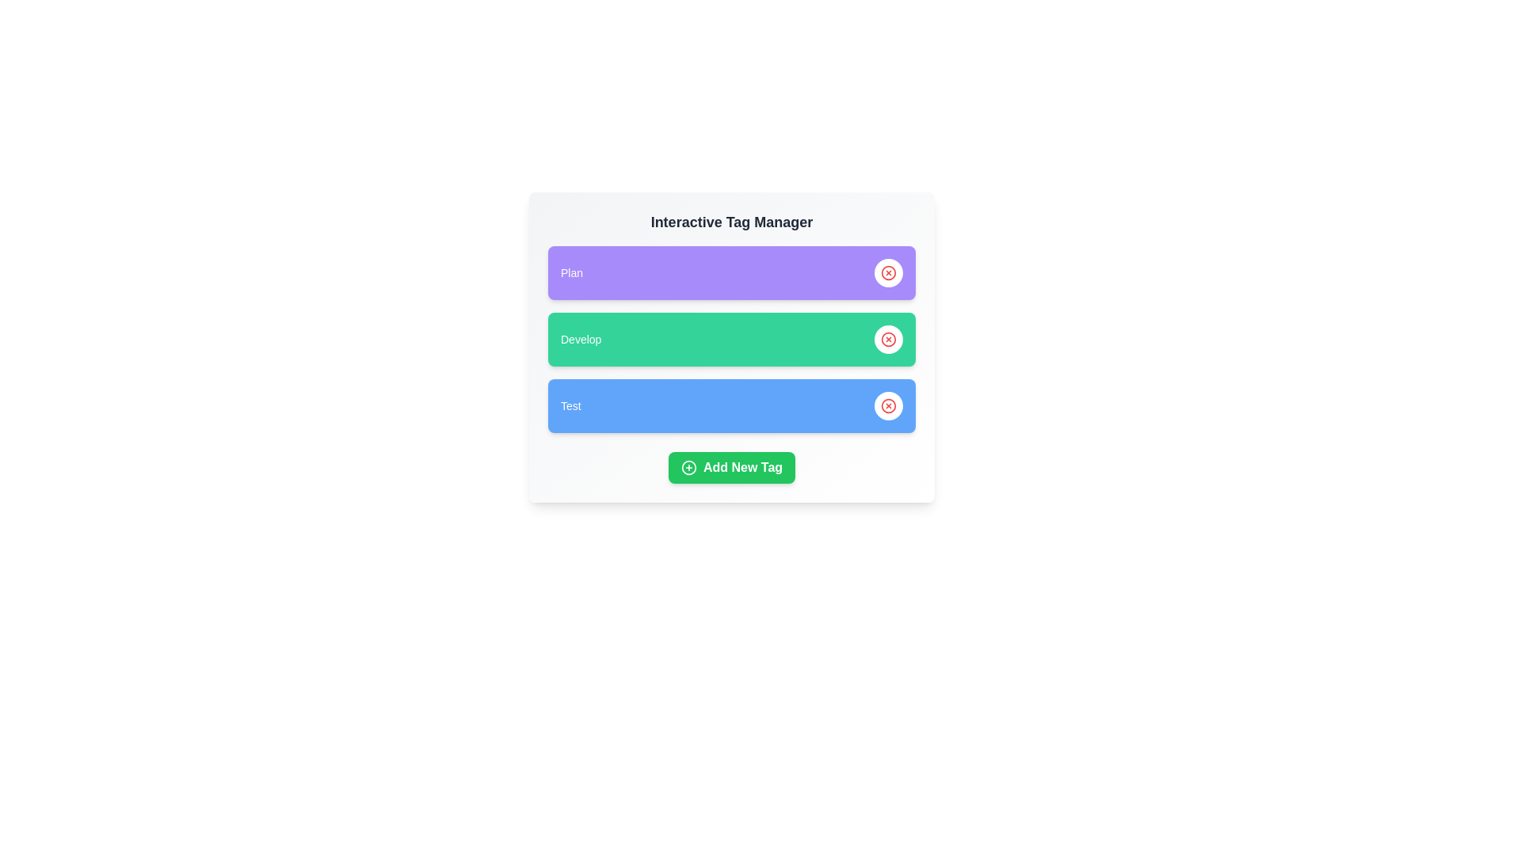 The width and height of the screenshot is (1521, 855). What do you see at coordinates (889, 405) in the screenshot?
I see `the close button next to the tag labeled Test to remove it` at bounding box center [889, 405].